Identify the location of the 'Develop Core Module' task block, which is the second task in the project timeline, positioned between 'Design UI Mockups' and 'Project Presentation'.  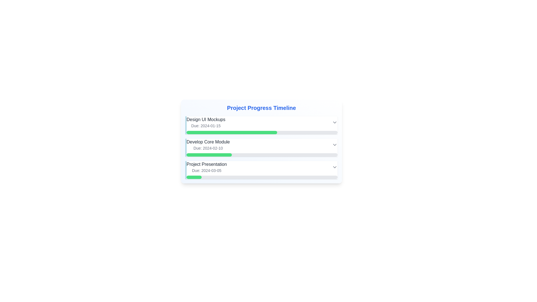
(262, 144).